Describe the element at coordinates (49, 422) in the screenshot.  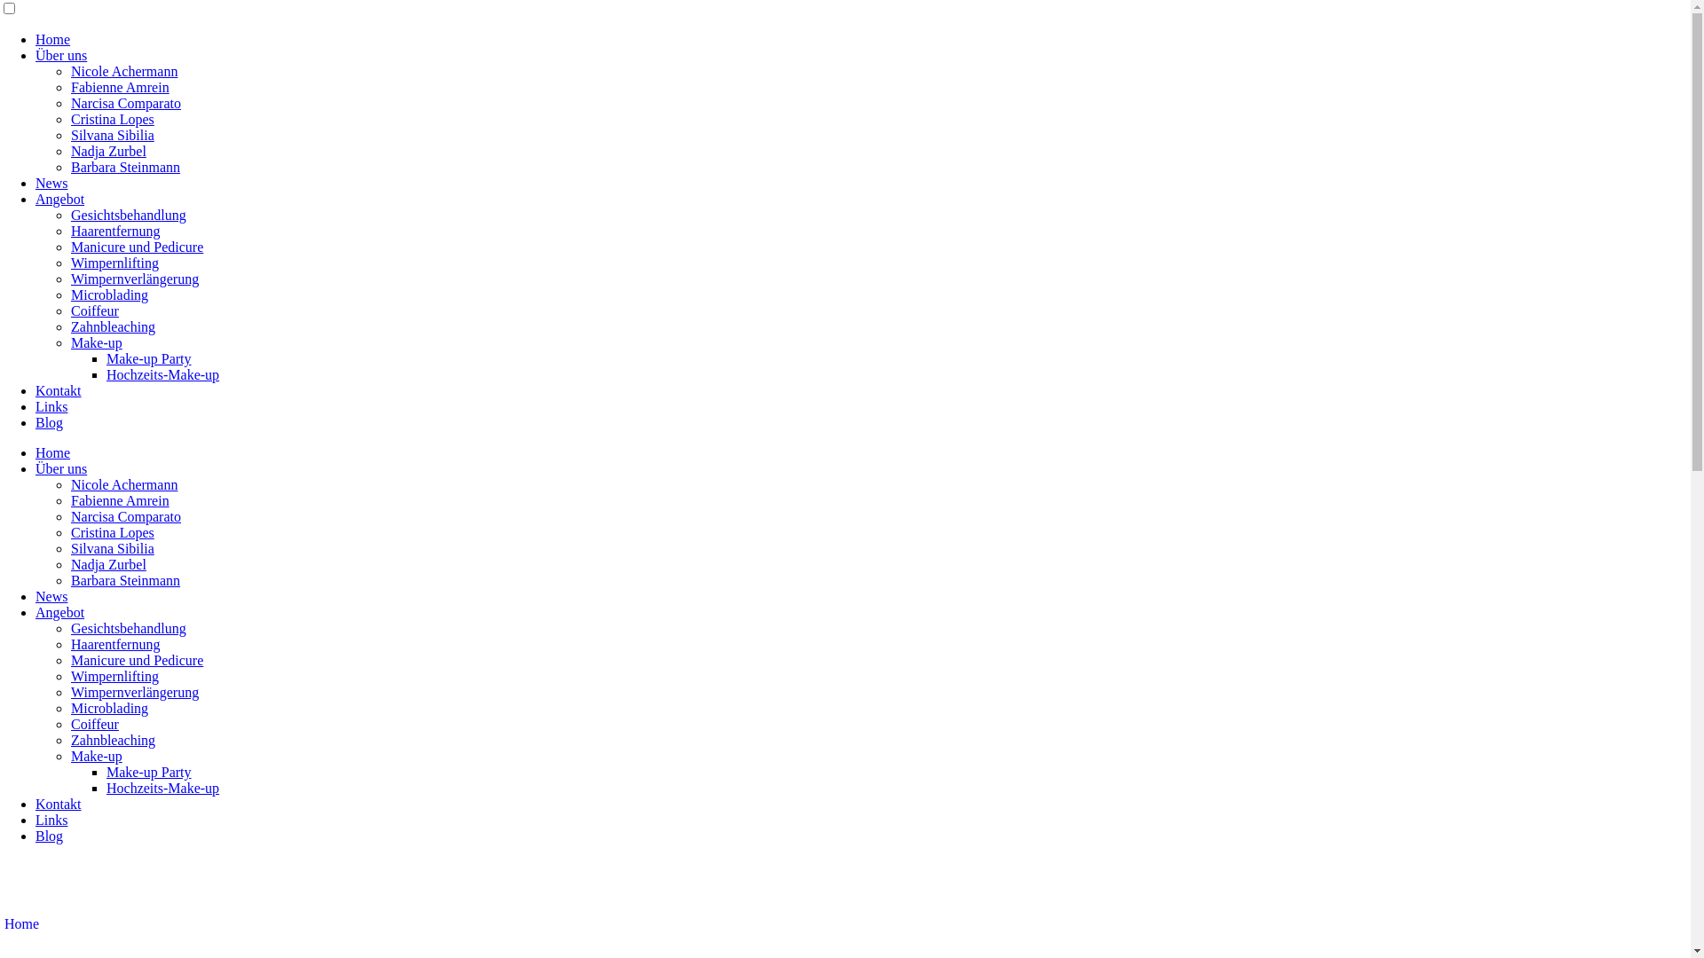
I see `'Blog'` at that location.